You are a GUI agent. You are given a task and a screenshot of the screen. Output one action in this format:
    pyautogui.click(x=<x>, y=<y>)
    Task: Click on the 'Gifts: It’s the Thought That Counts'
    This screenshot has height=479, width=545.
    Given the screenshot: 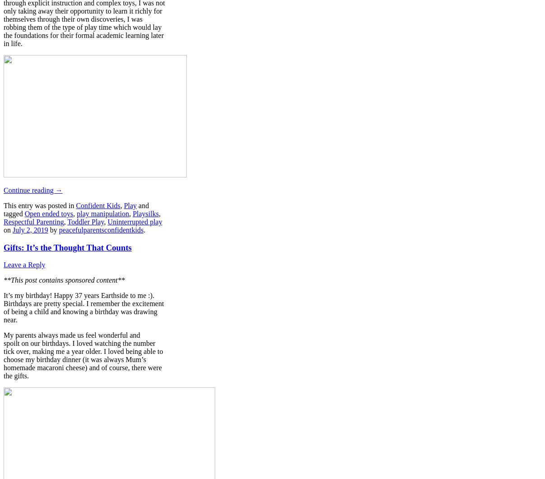 What is the action you would take?
    pyautogui.click(x=67, y=246)
    